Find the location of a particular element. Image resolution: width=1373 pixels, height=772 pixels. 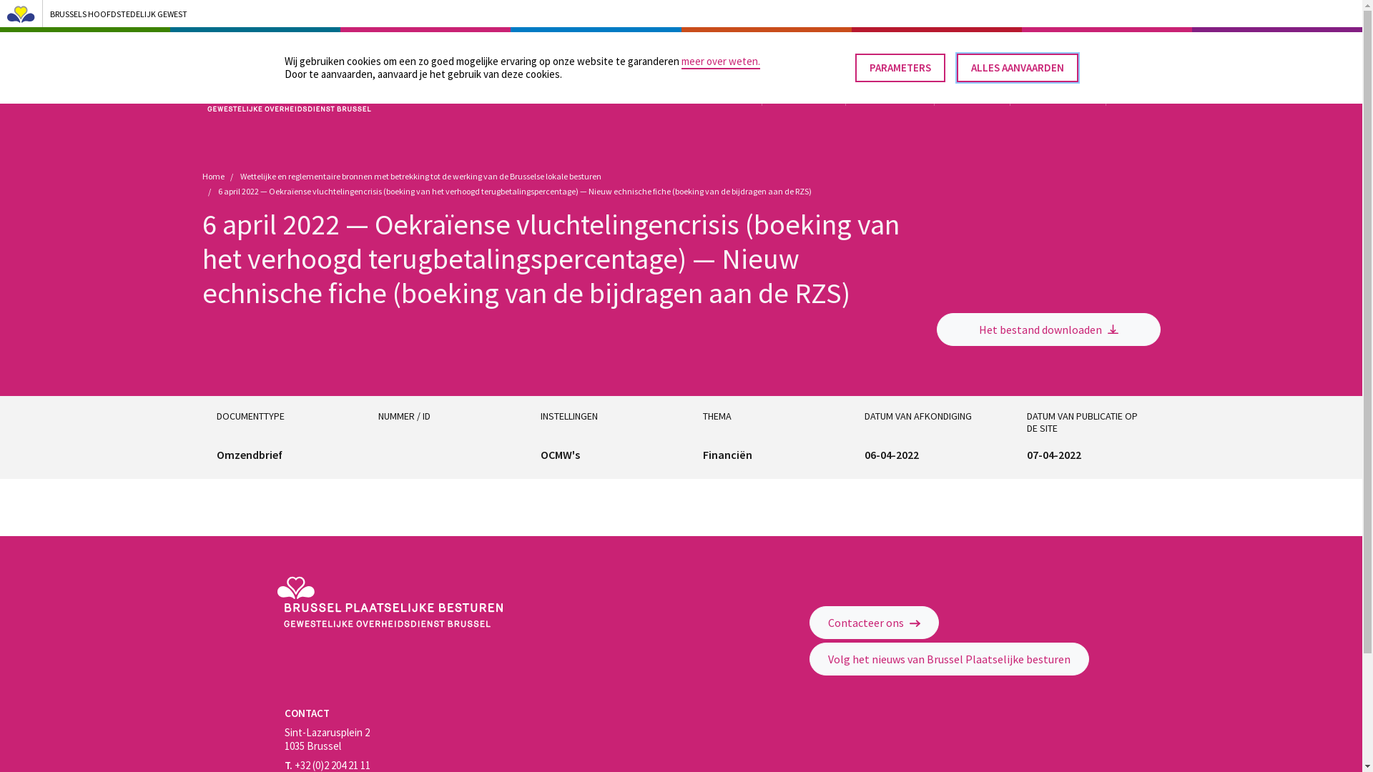

'ALLES AANVAARDEN' is located at coordinates (1016, 68).